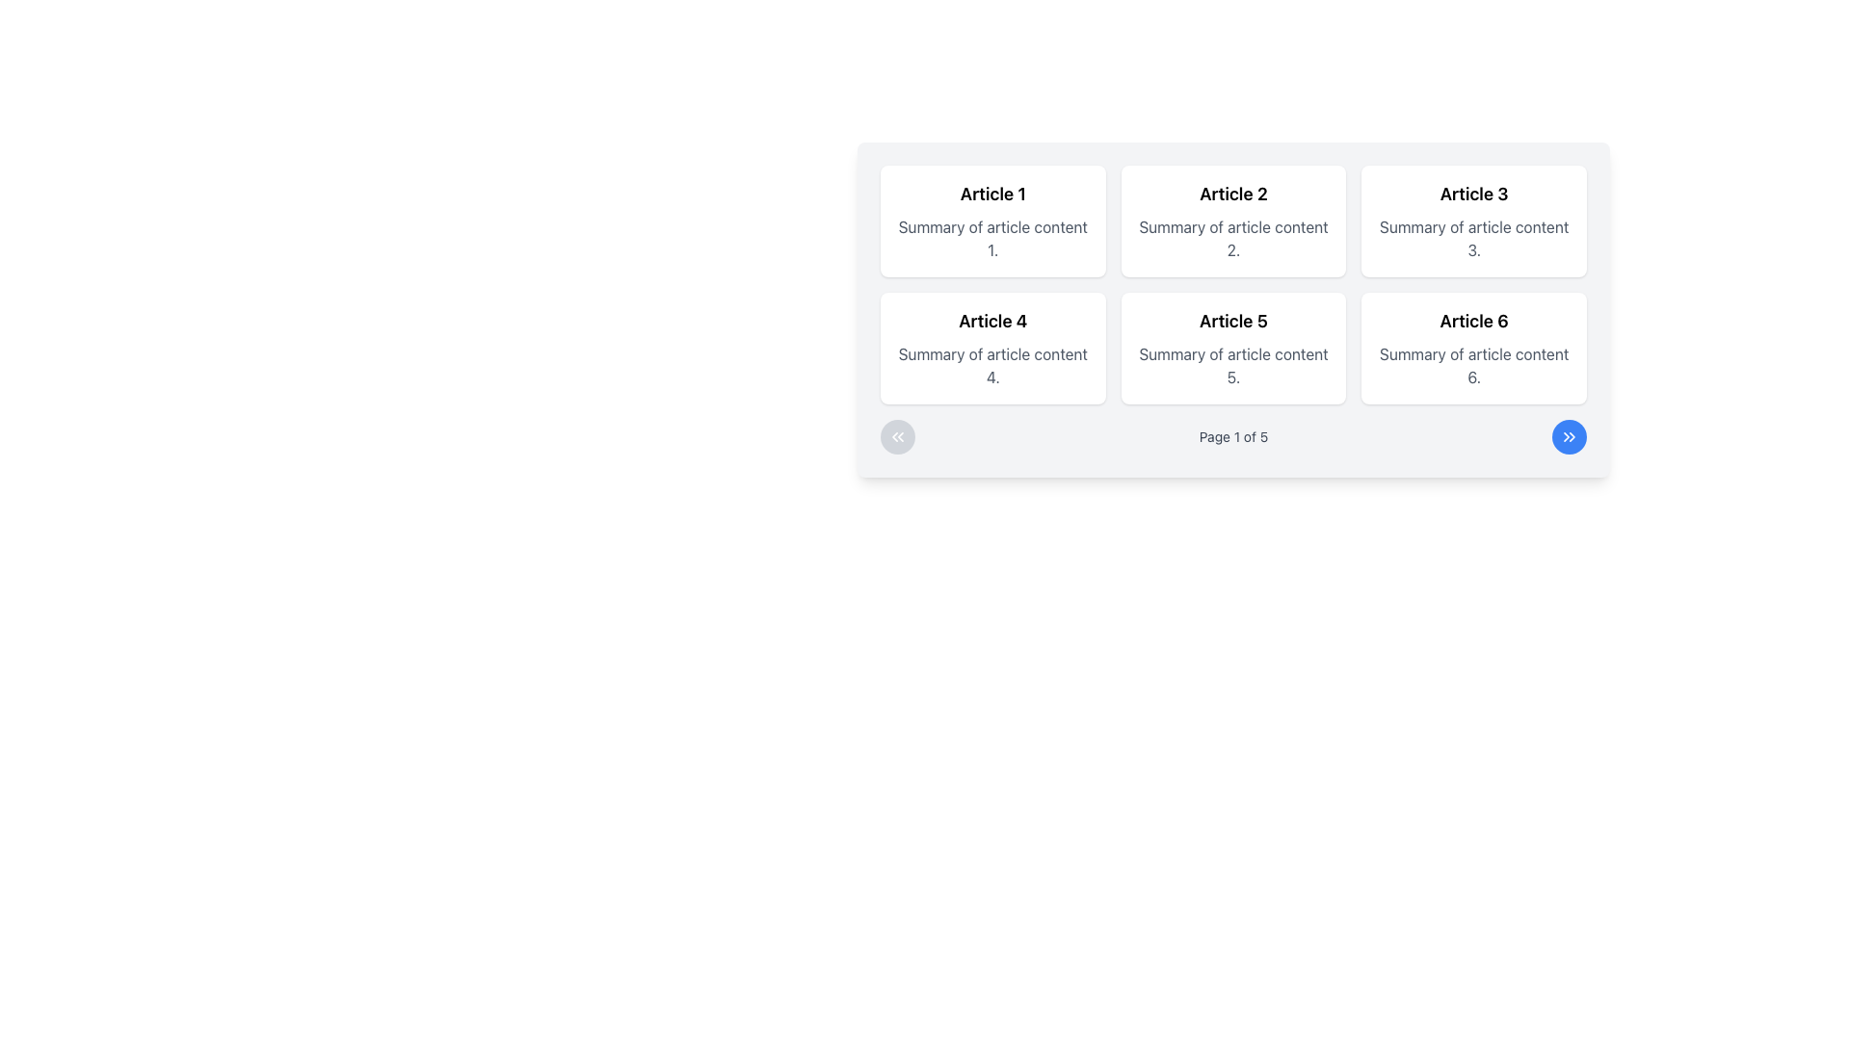  I want to click on the bold, black text label 'Article 6' located in the bottom-right card of a two-row, three-column grid to possibly reveal any tooltip or highlight, so click(1473, 321).